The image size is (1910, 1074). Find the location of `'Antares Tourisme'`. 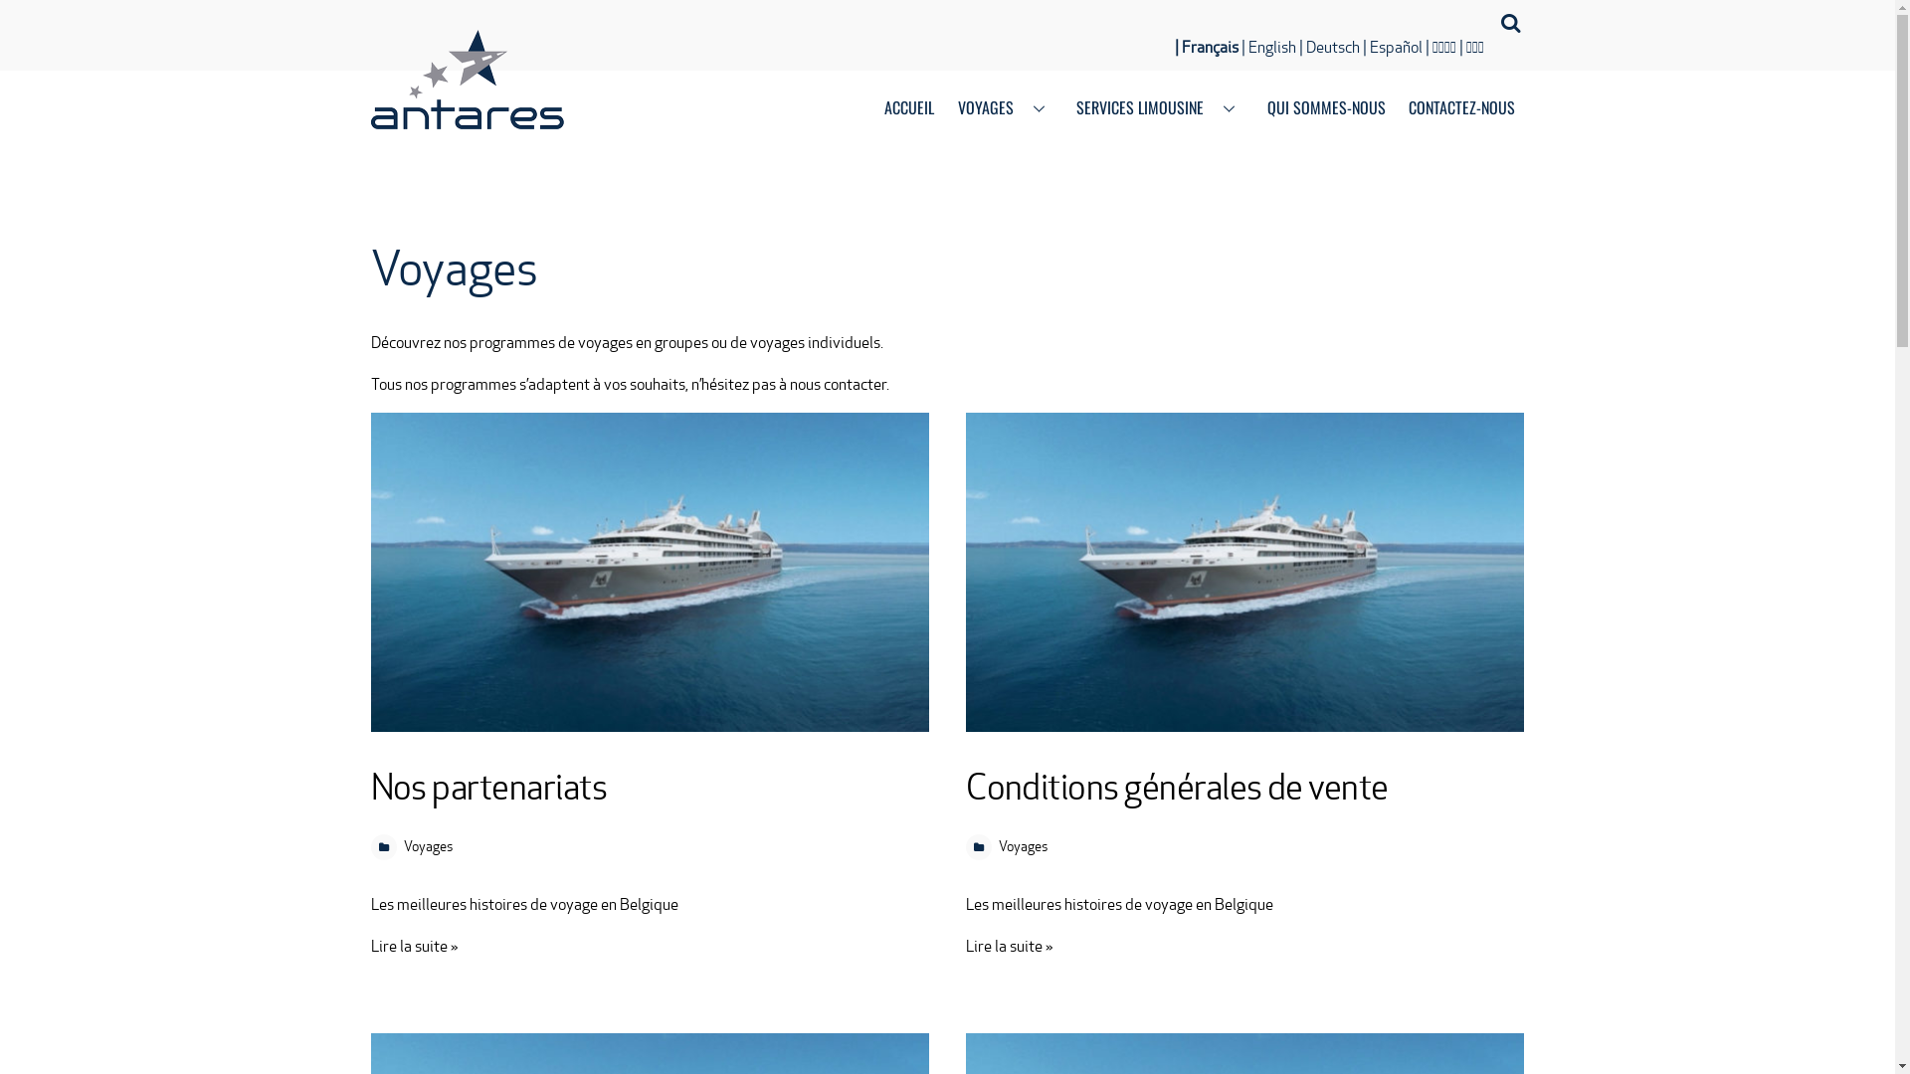

'Antares Tourisme' is located at coordinates (466, 113).